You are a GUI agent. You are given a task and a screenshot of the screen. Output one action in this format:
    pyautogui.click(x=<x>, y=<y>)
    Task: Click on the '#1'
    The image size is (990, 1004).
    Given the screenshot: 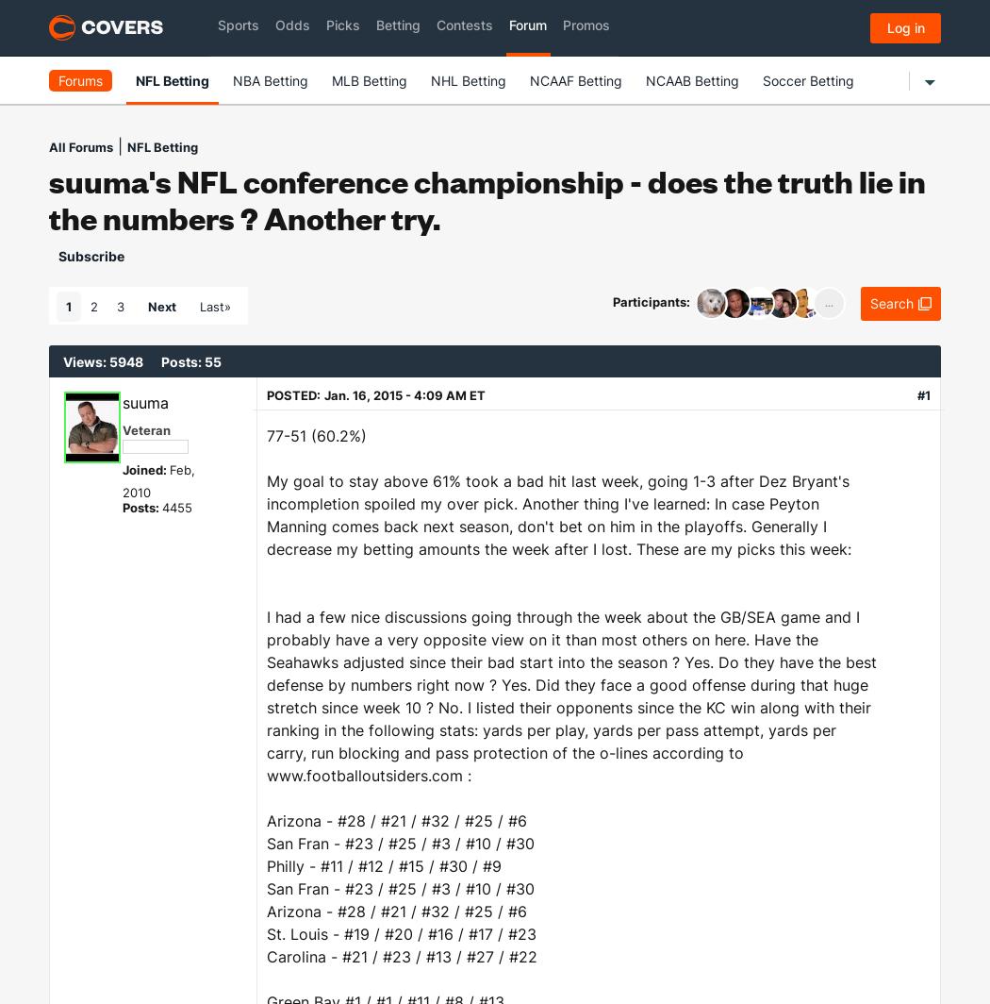 What is the action you would take?
    pyautogui.click(x=923, y=394)
    